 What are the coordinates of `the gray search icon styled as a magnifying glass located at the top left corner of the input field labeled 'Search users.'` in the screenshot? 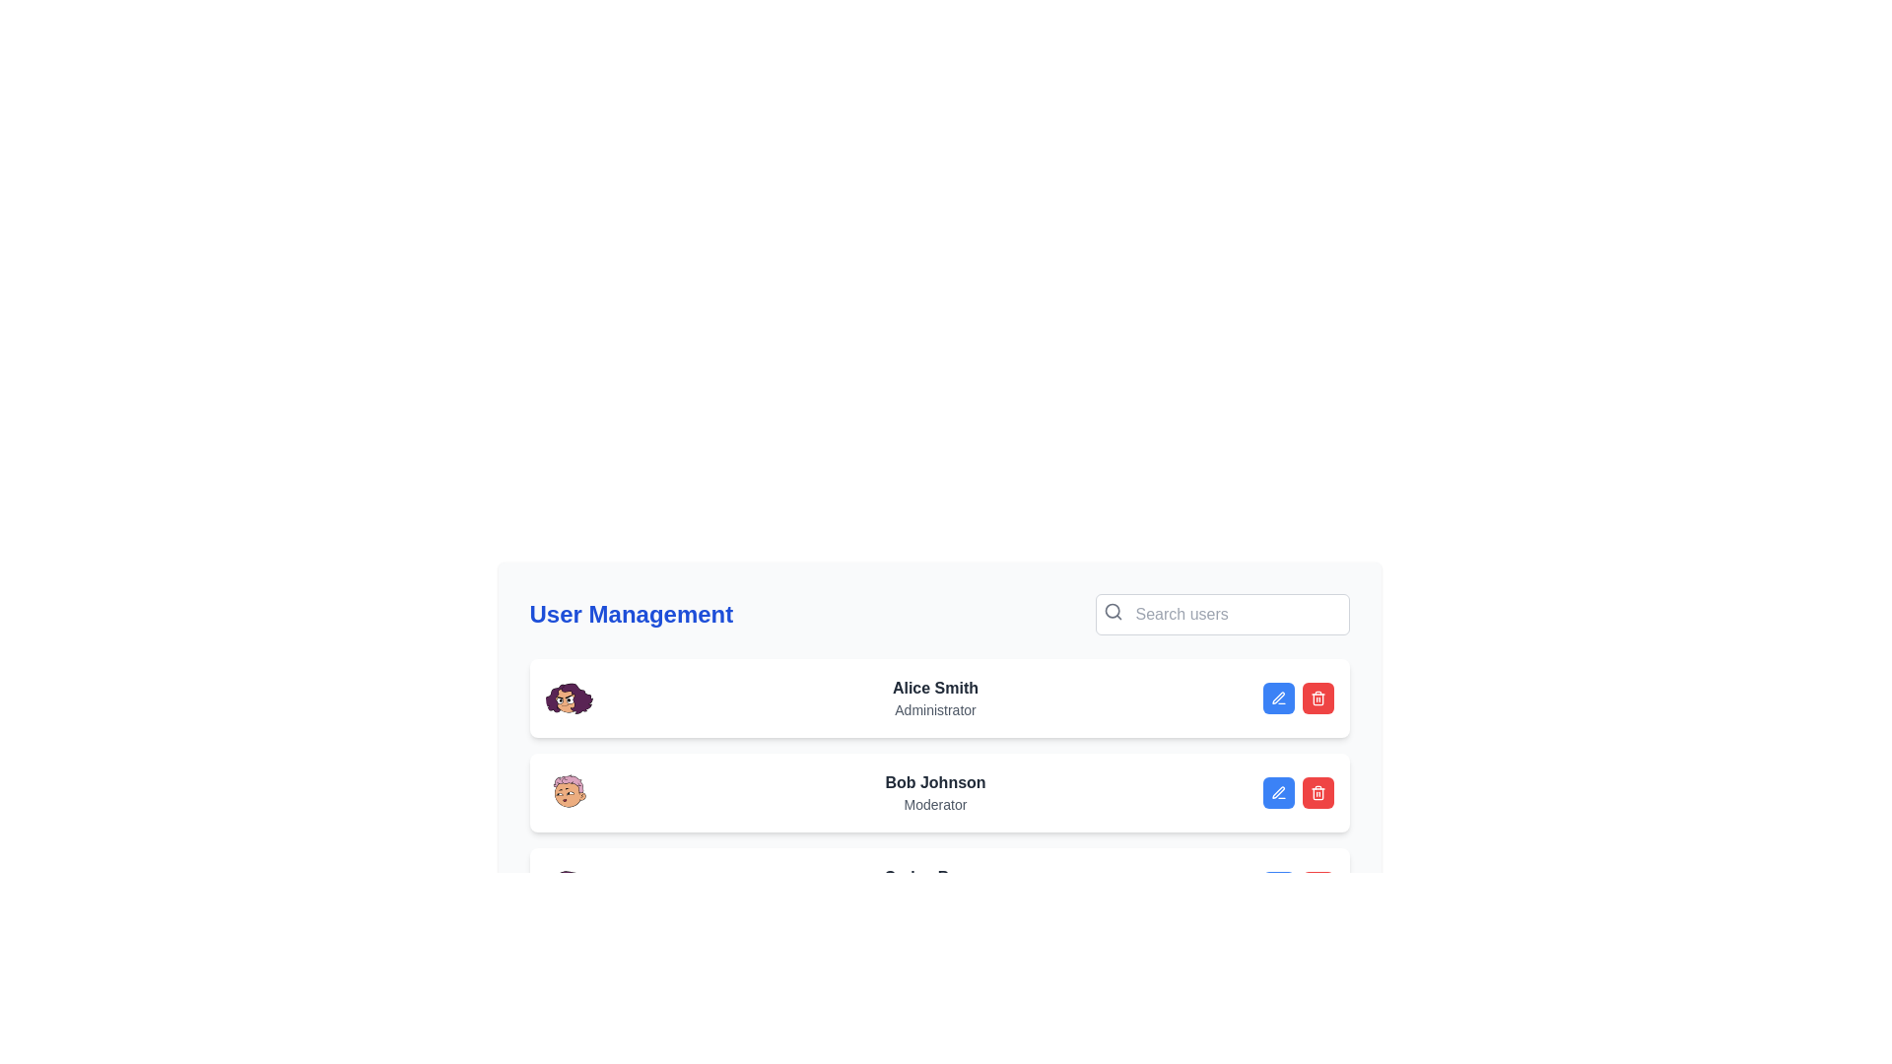 It's located at (1113, 611).